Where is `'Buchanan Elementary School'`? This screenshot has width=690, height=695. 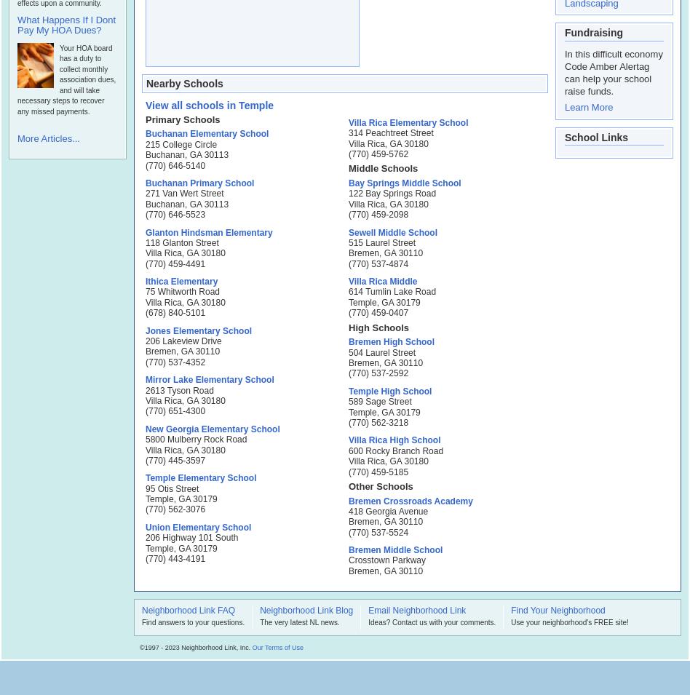
'Buchanan Elementary School' is located at coordinates (207, 134).